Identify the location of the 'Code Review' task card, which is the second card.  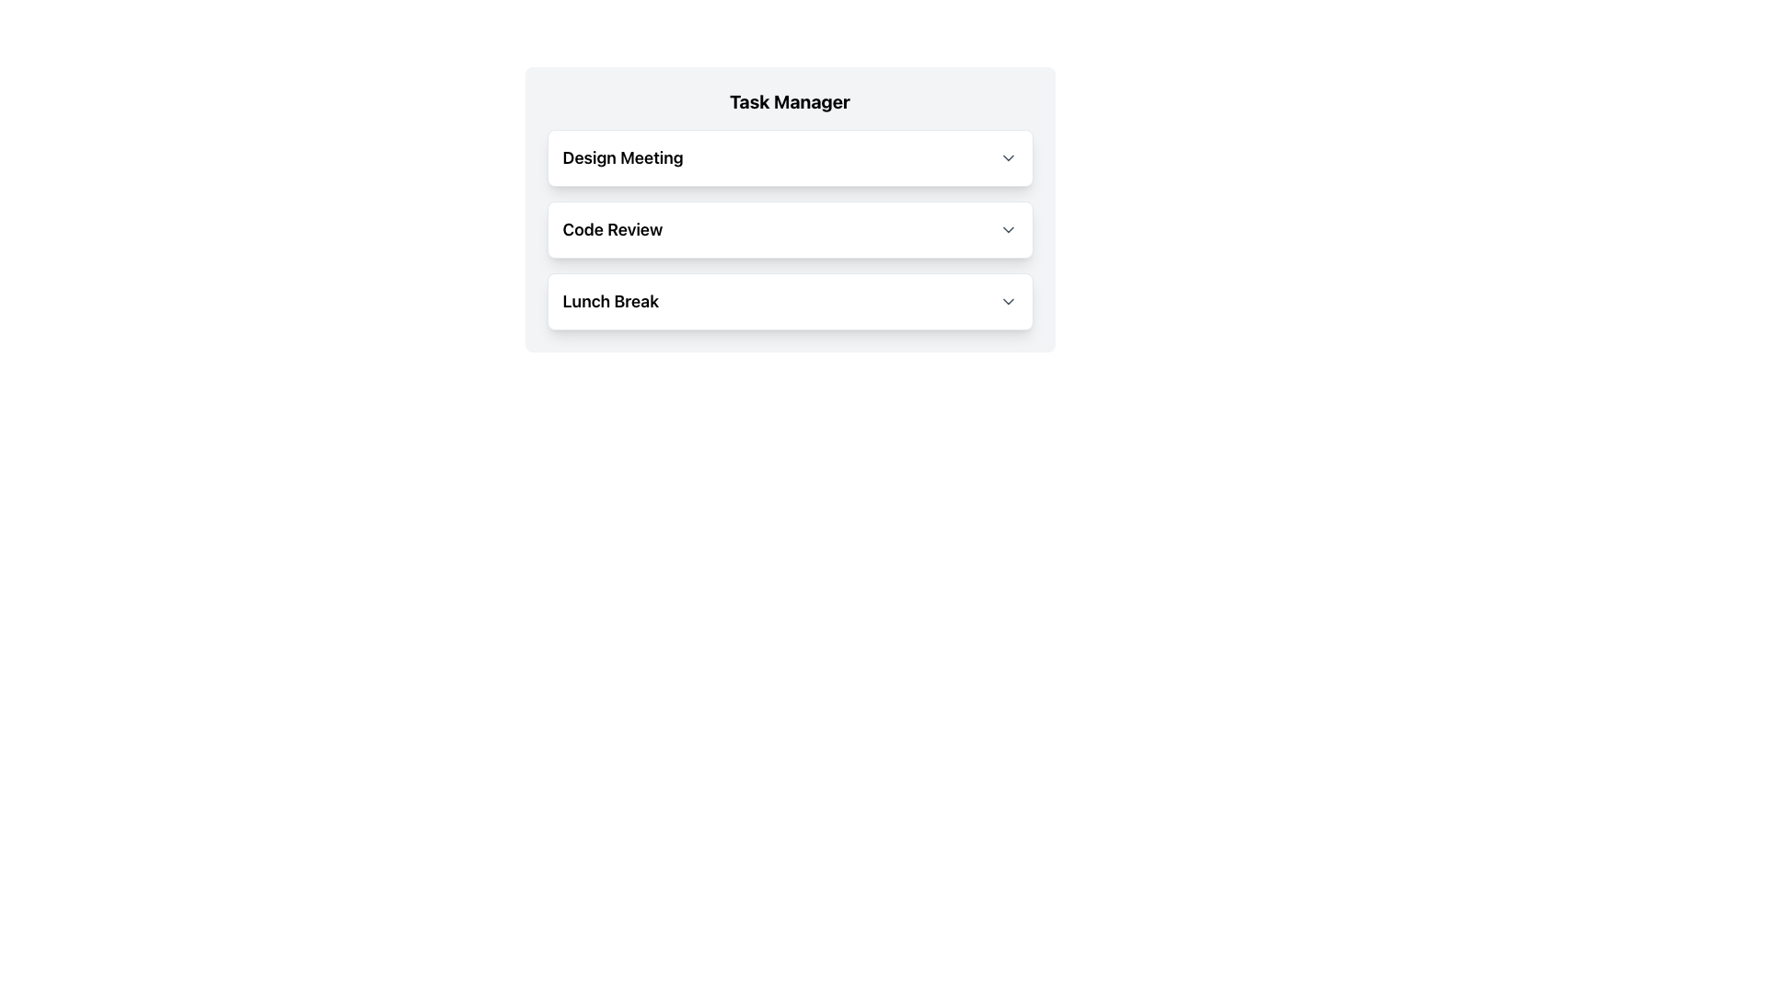
(790, 229).